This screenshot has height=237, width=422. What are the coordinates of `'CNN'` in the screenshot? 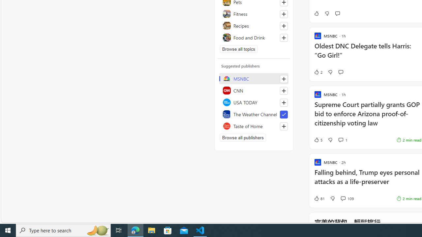 It's located at (254, 91).